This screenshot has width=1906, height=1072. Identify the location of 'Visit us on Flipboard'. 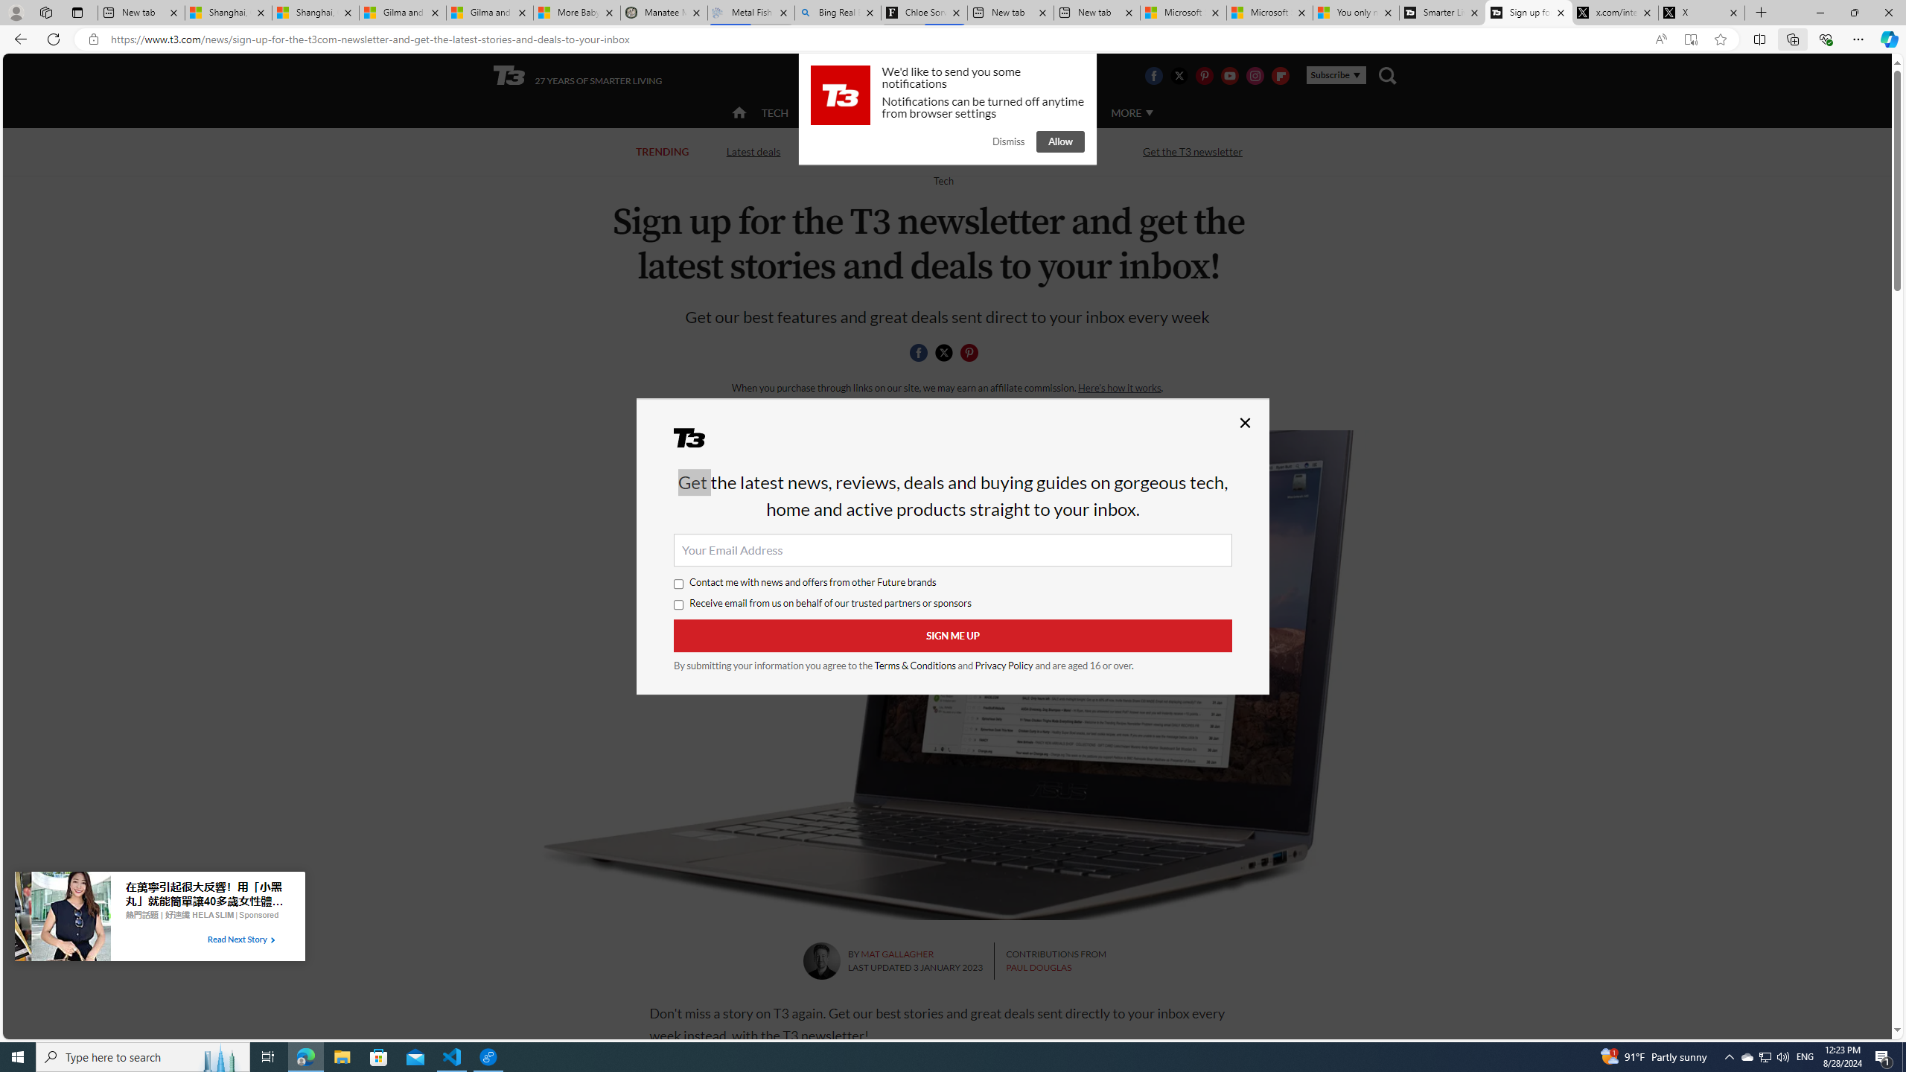
(1281, 74).